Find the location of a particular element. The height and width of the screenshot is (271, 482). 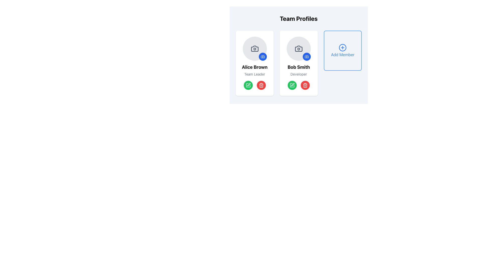

the circular red button with a white trash icon located below the 'Alice Brown' profile in the 'Team Profiles' section is located at coordinates (261, 85).